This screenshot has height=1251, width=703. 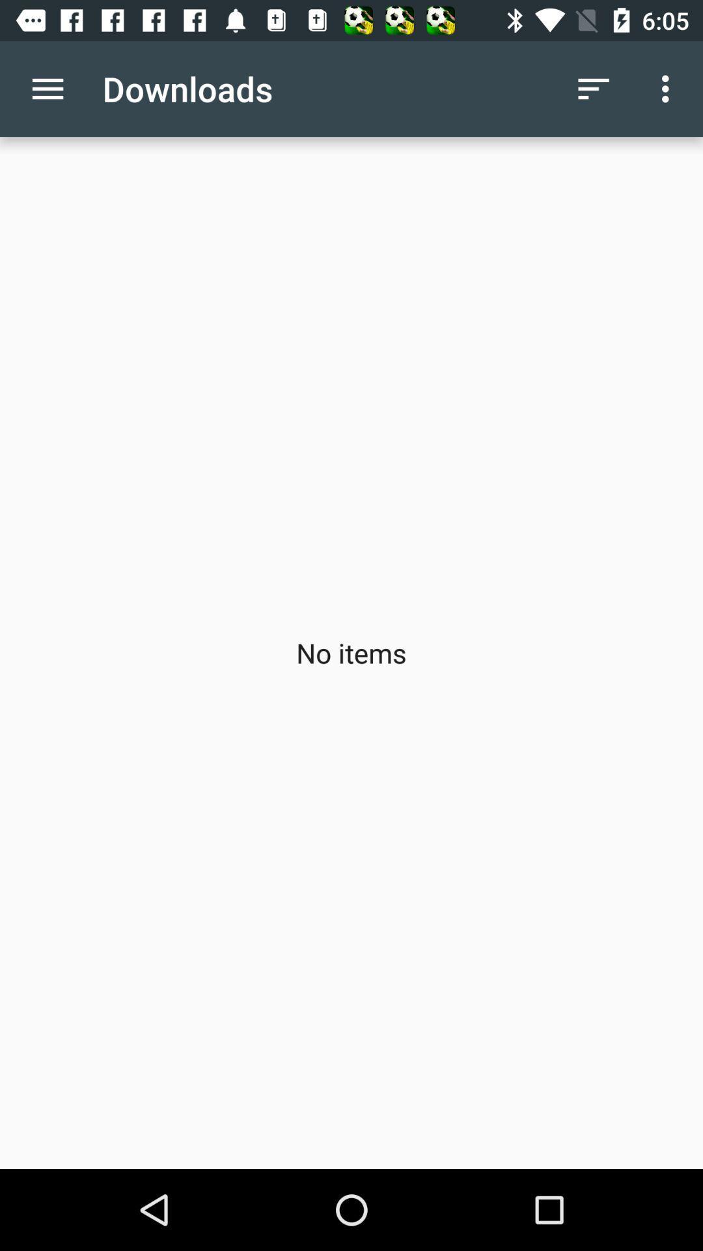 What do you see at coordinates (669, 88) in the screenshot?
I see `app above no items icon` at bounding box center [669, 88].